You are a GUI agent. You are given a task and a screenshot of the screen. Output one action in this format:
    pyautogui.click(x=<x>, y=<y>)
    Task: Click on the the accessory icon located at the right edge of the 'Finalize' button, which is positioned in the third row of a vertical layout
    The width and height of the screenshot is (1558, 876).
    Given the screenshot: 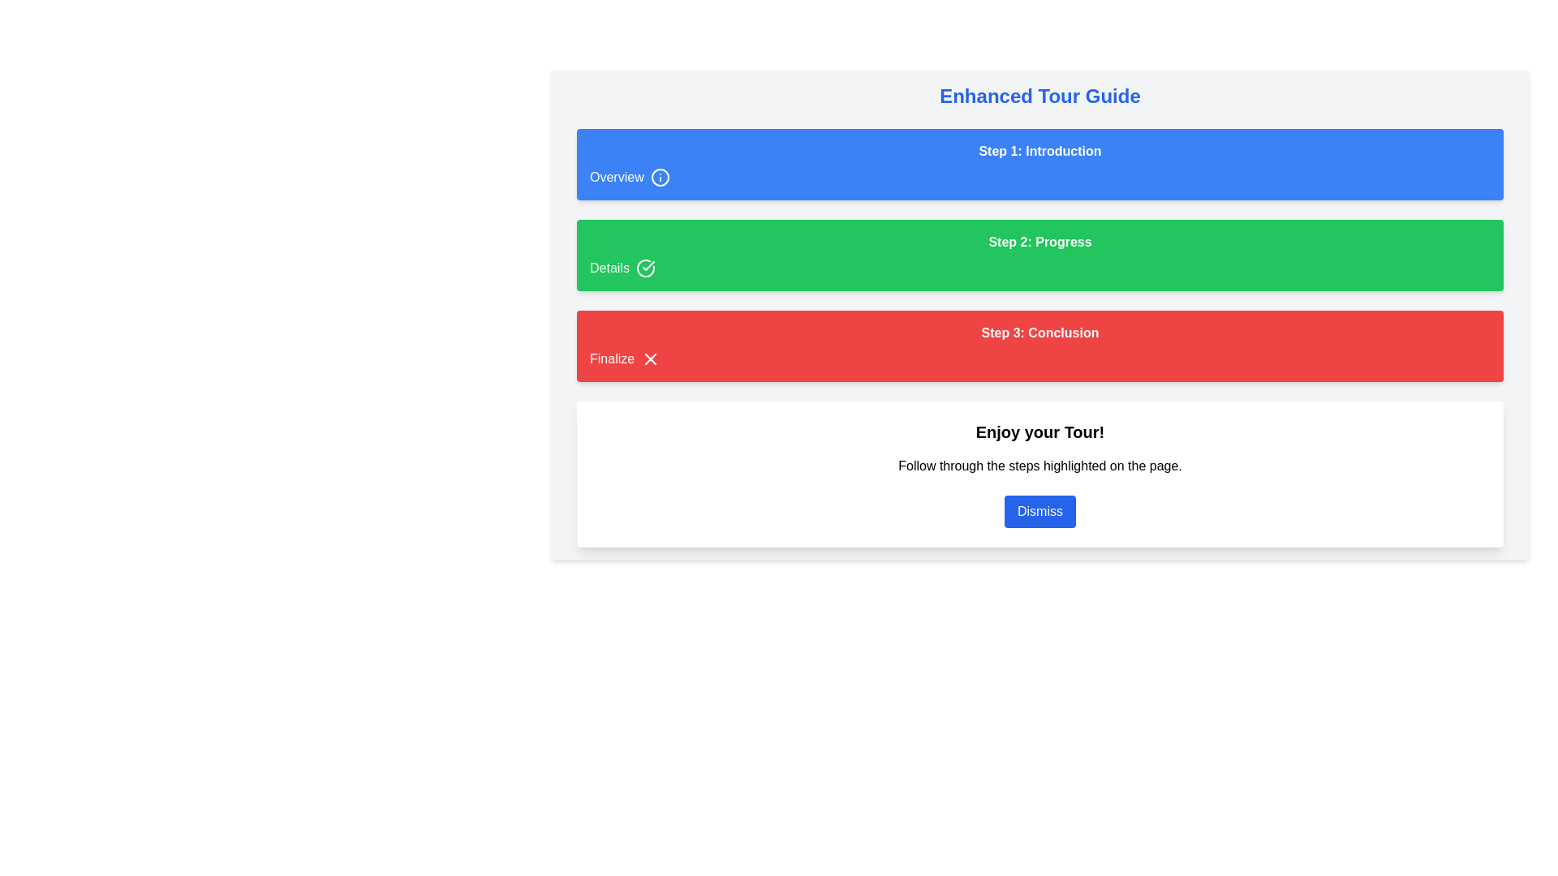 What is the action you would take?
    pyautogui.click(x=651, y=359)
    